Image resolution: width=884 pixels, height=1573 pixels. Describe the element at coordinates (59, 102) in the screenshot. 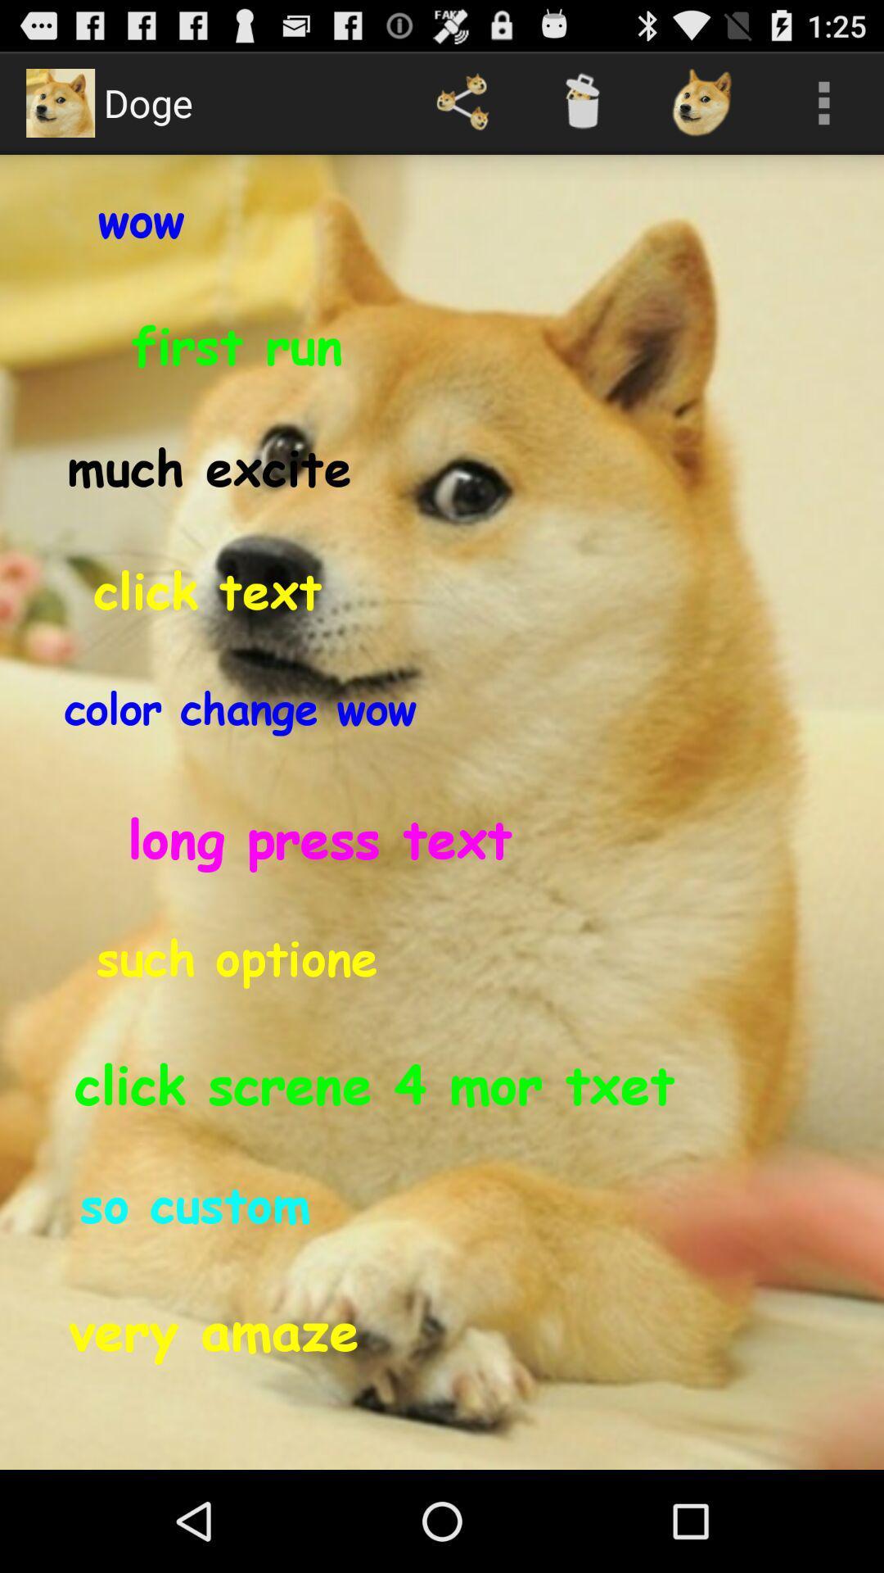

I see `the dog image at top left` at that location.